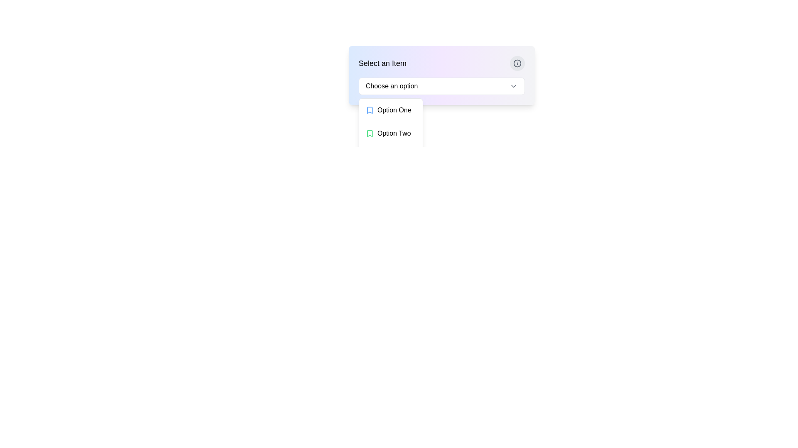  I want to click on the first item in the dropdown menu labeled 'Option One', which features a blue bookmark icon and black text, so click(390, 110).